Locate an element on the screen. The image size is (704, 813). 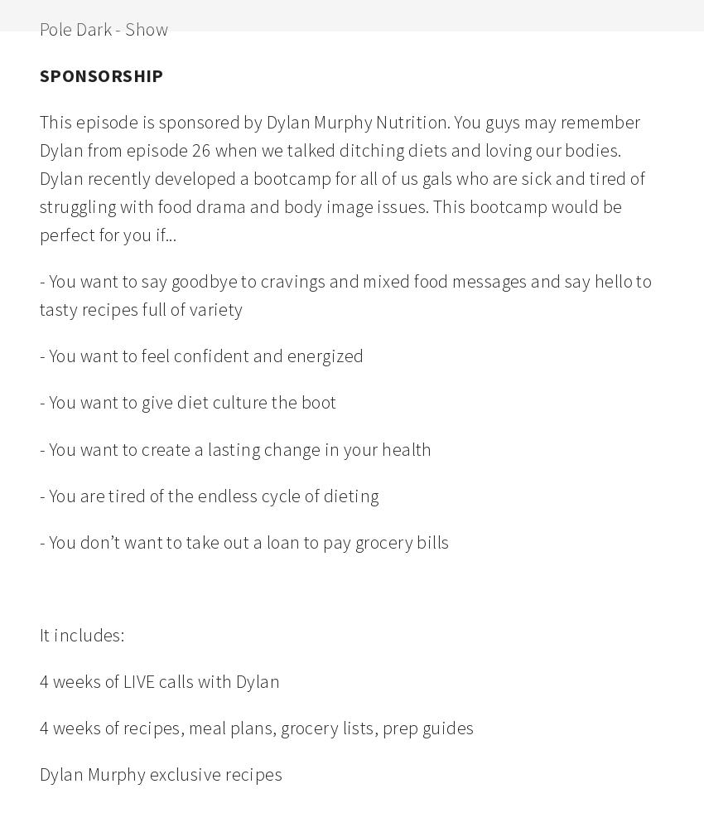
'- You want to say goodbye to cravings and mixed food messages and say hello to tasty recipes full of variety' is located at coordinates (347, 294).